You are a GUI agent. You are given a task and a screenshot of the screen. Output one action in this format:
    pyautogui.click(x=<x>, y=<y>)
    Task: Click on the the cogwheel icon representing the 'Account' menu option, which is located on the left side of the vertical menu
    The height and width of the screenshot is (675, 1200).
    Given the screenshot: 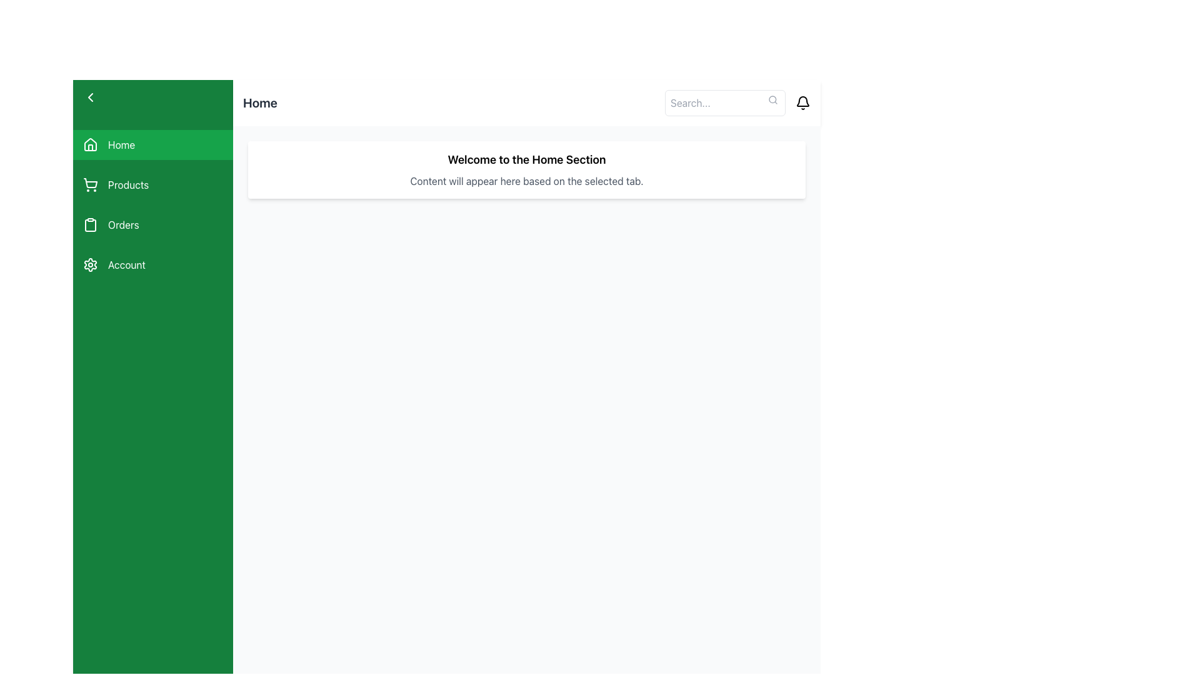 What is the action you would take?
    pyautogui.click(x=89, y=264)
    